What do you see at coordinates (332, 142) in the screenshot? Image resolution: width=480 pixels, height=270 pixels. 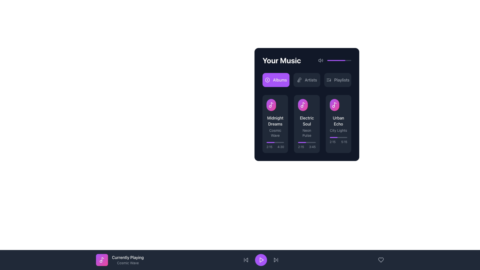 I see `the static text label displaying '2:15', which is located at the bottom left of the 'Urban Echo' music card, slightly below the progress bar` at bounding box center [332, 142].